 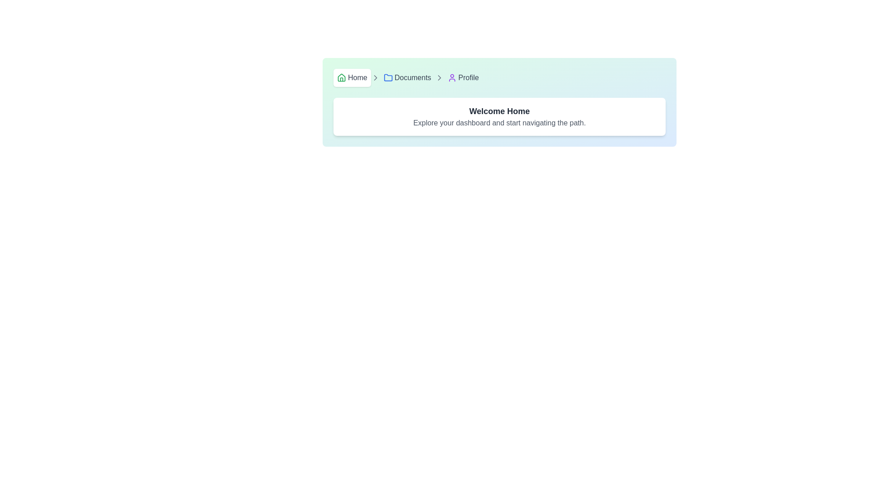 What do you see at coordinates (357, 77) in the screenshot?
I see `the 'Home' label in the navigation bar which indicates the current location and may redirect users to the homepage` at bounding box center [357, 77].